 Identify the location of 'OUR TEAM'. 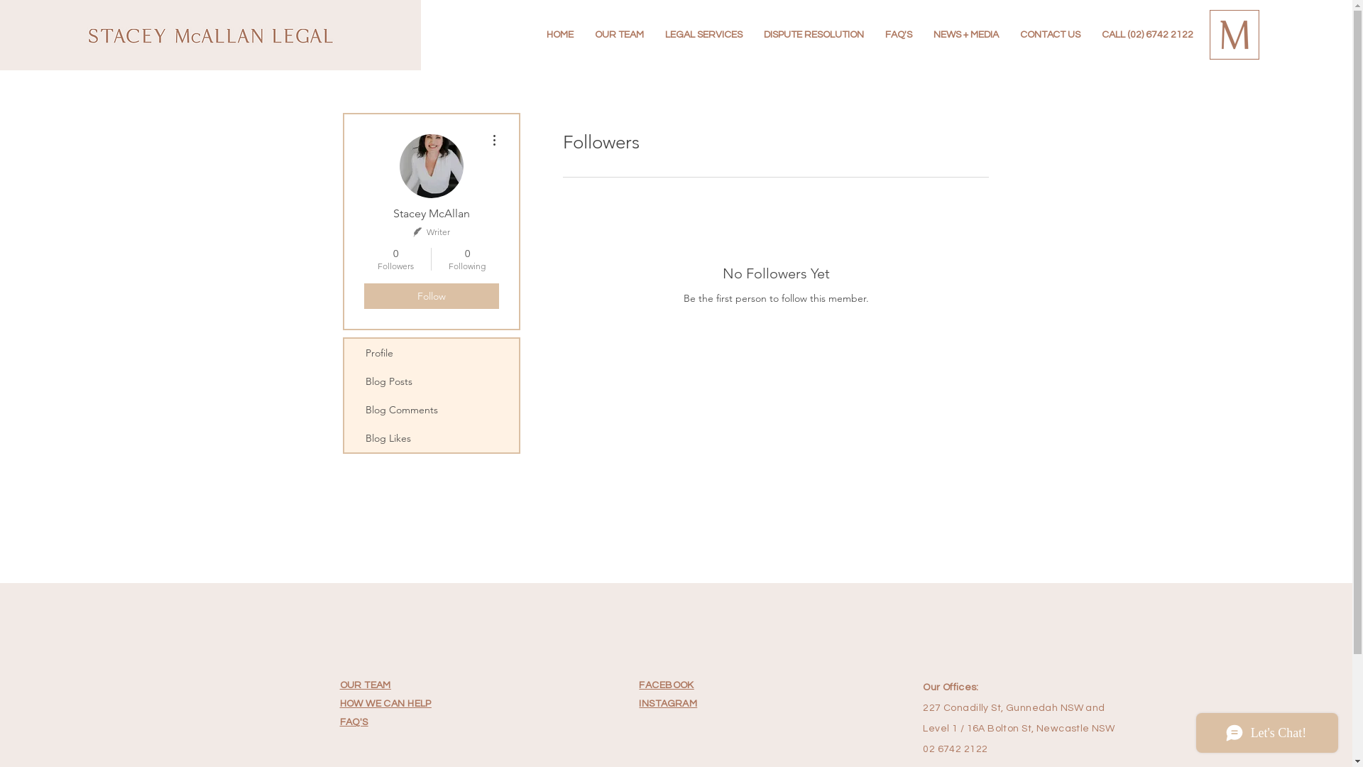
(365, 684).